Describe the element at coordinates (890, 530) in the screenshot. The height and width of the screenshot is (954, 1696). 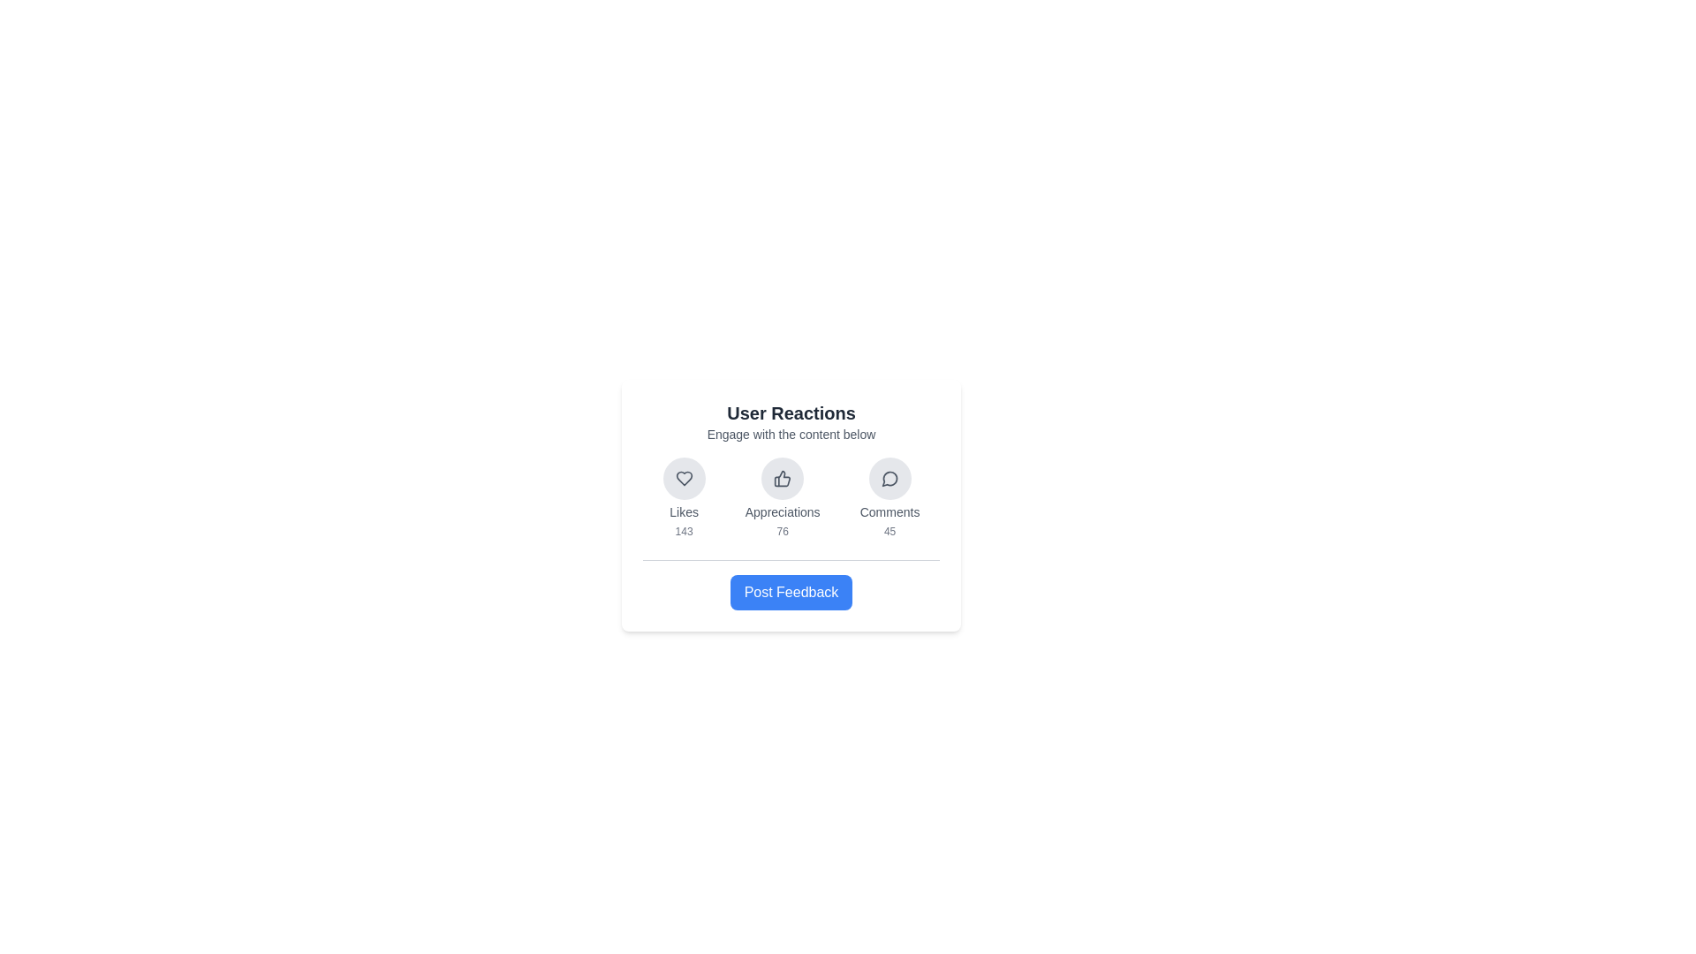
I see `the Text label displaying the number '45', which is styled with a gray font and located directly beneath the 'Comments' label` at that location.